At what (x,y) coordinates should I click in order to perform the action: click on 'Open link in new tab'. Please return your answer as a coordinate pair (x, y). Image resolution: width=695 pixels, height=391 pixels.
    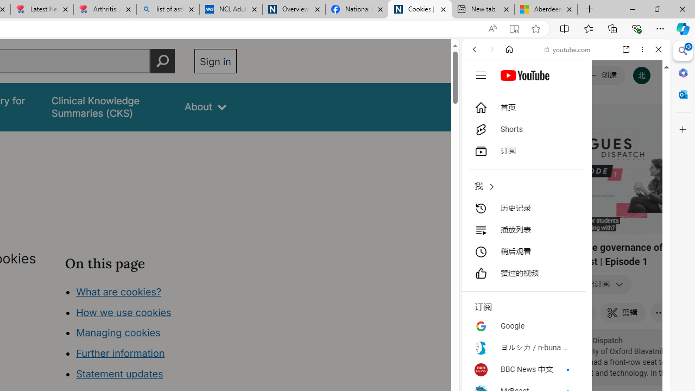
    Looking at the image, I should click on (626, 49).